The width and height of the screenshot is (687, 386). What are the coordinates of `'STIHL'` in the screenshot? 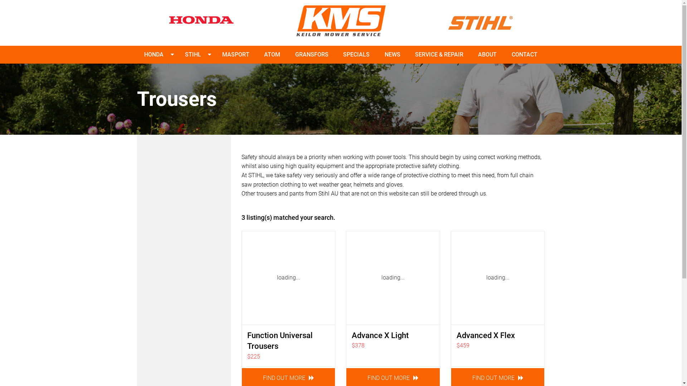 It's located at (193, 54).